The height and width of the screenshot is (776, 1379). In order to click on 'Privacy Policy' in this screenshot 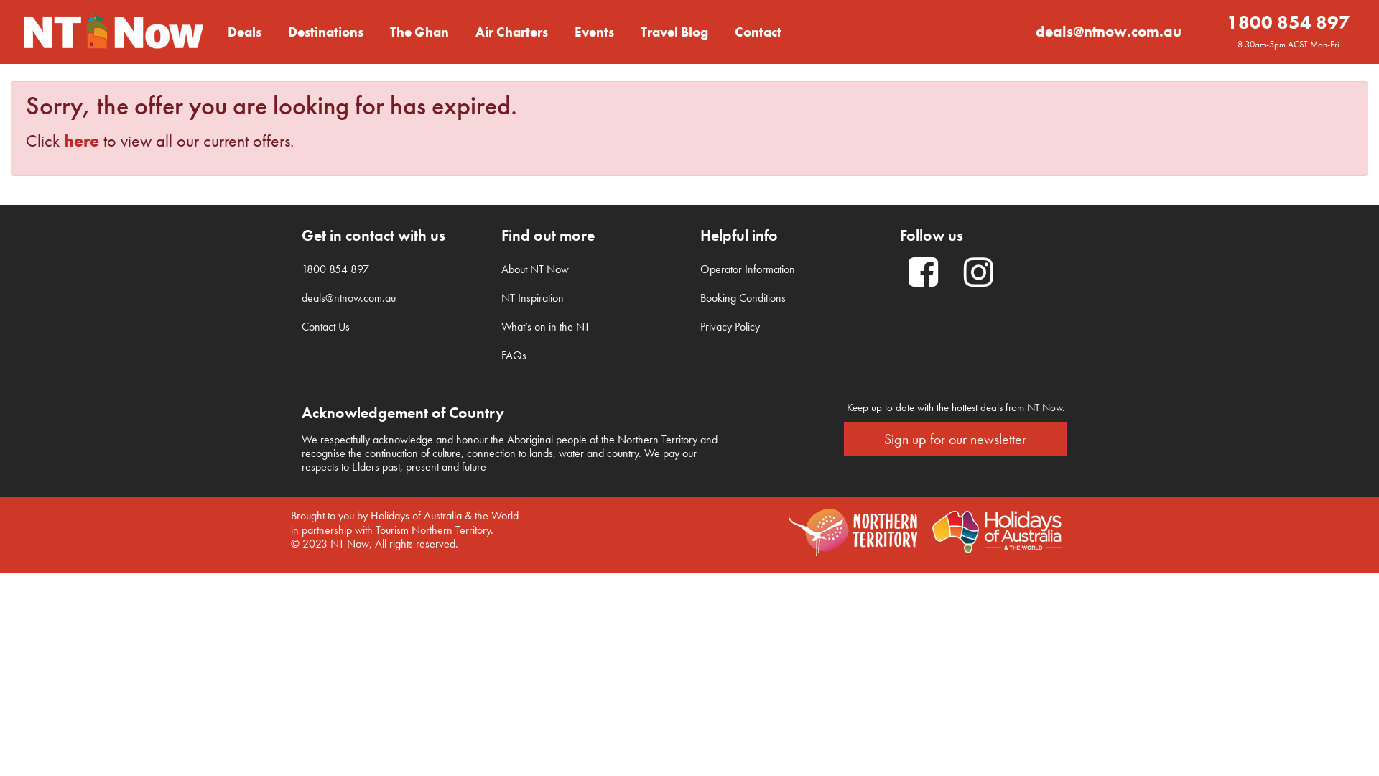, I will do `click(730, 326)`.